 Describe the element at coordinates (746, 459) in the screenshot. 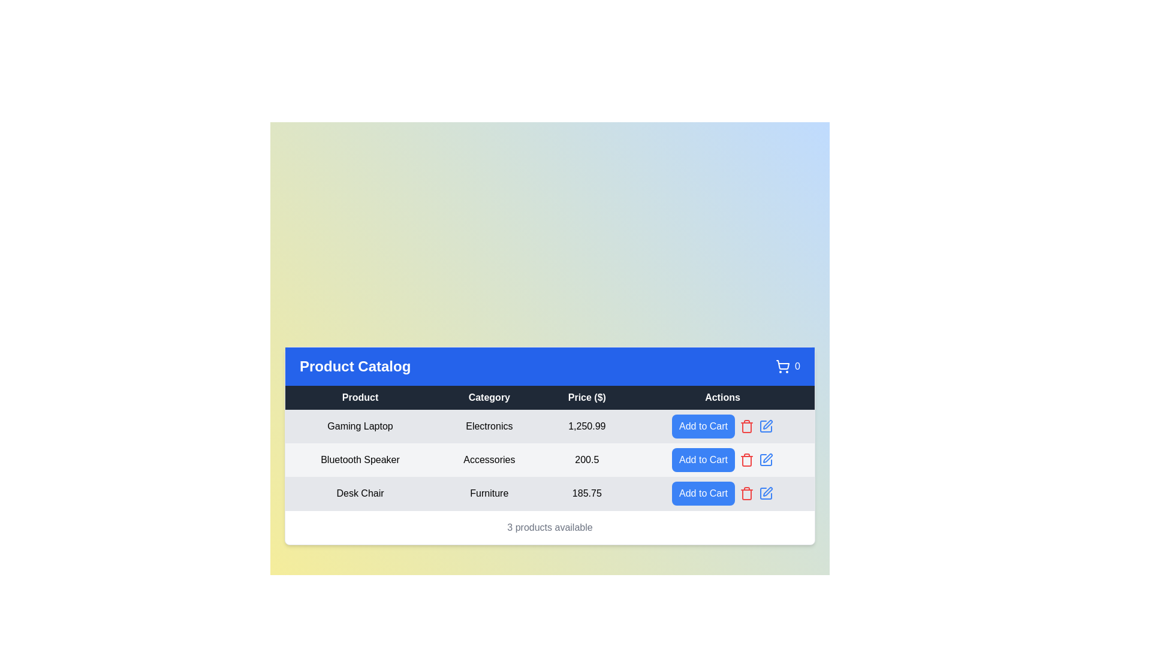

I see `the delete icon button located in the third row of the Actions column of the product table` at that location.